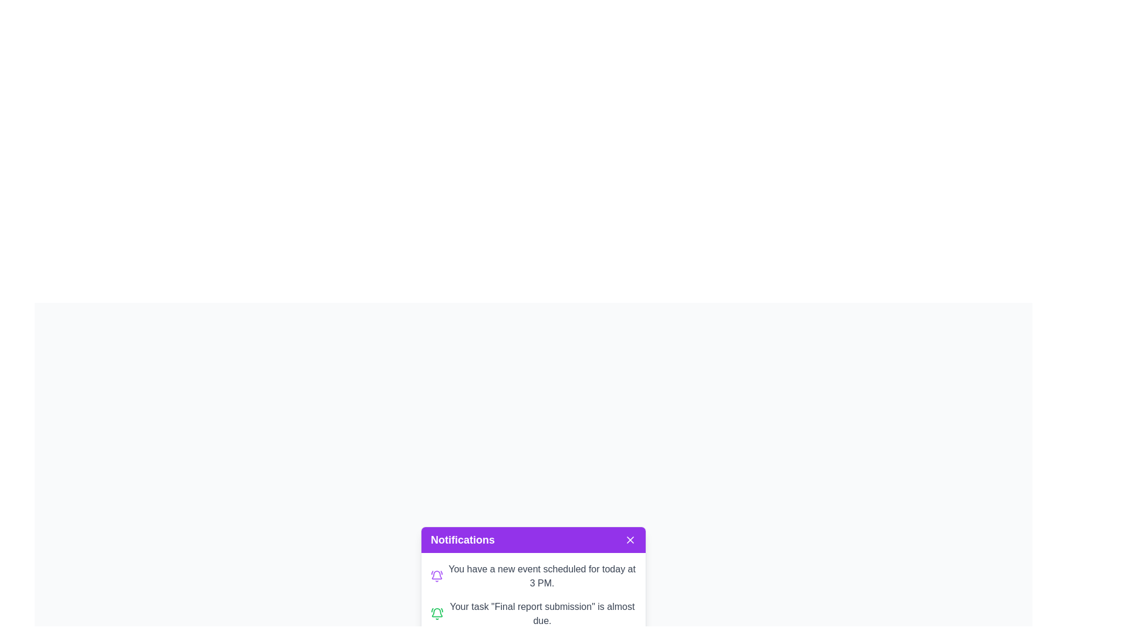 Image resolution: width=1127 pixels, height=634 pixels. I want to click on the 'Notifications' text label, which is styled with a bold font and located in the header section of a notification card against a purple background, so click(462, 539).